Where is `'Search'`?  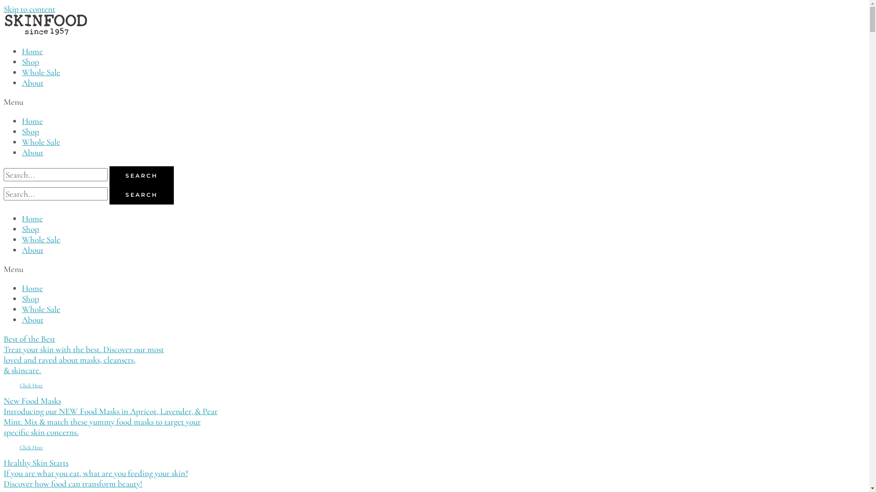 'Search' is located at coordinates (55, 193).